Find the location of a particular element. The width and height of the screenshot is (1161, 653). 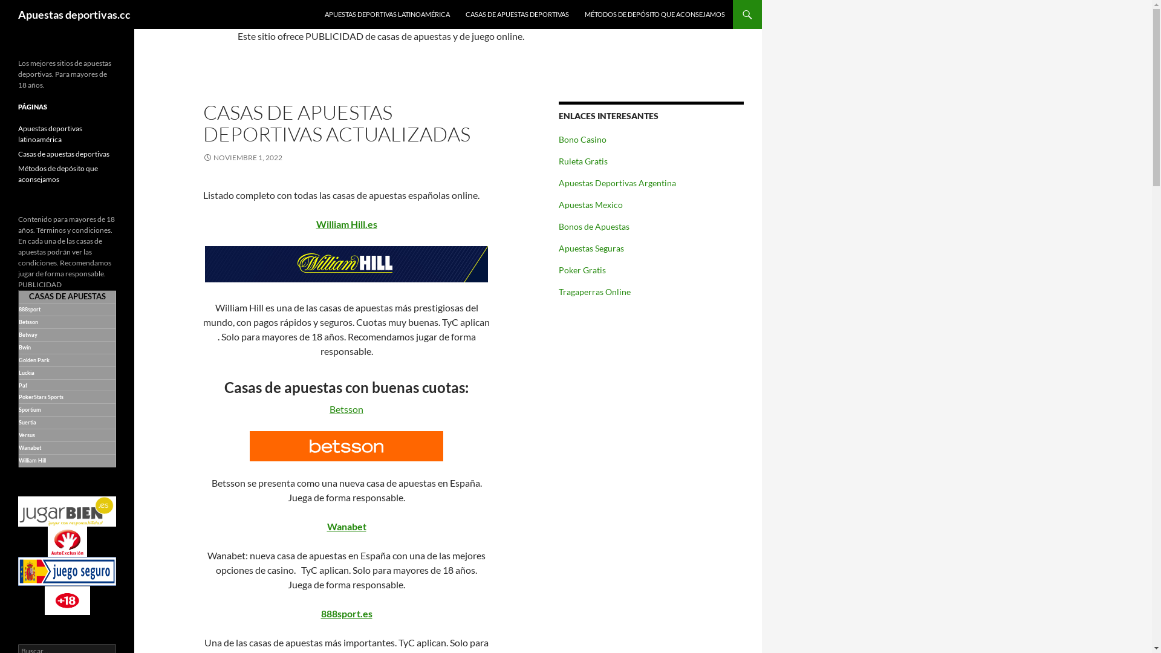

'CASAS DE APUESTAS DEPORTIVAS' is located at coordinates (517, 14).